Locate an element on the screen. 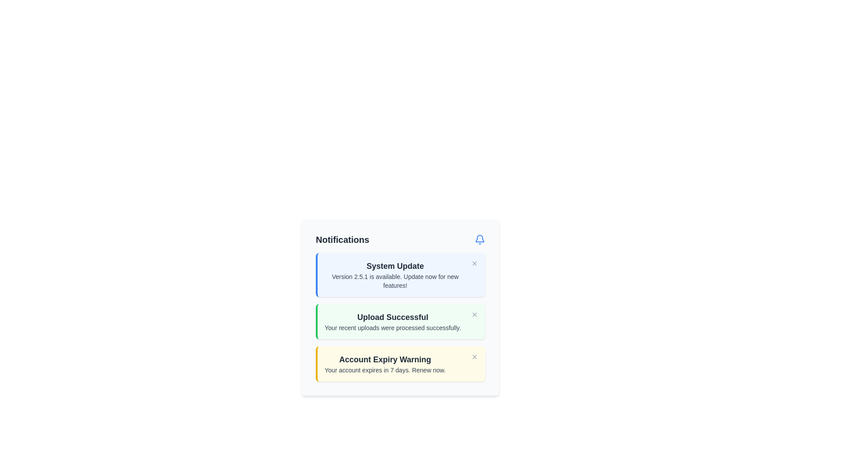  the Close button located at the top-right of the 'Account Expiry Warning' notification to change its color to red is located at coordinates (474, 357).